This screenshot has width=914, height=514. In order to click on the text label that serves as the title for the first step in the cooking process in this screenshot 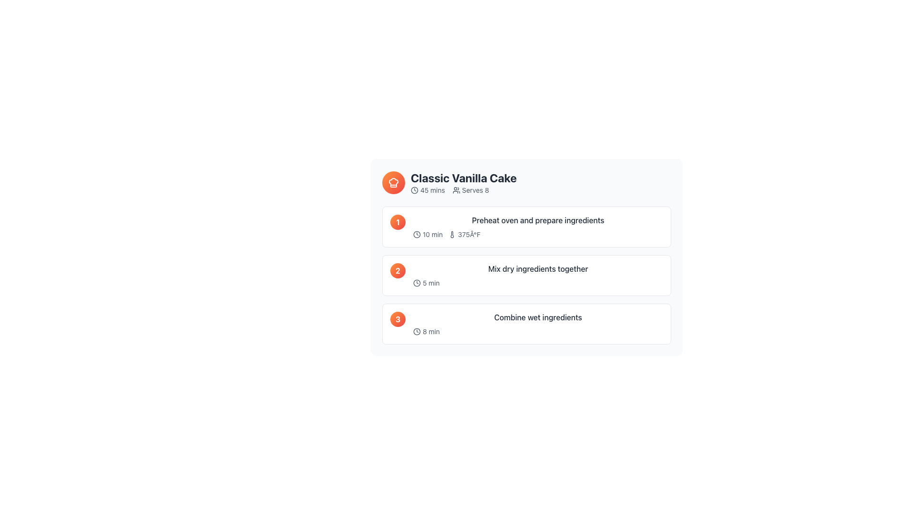, I will do `click(538, 220)`.